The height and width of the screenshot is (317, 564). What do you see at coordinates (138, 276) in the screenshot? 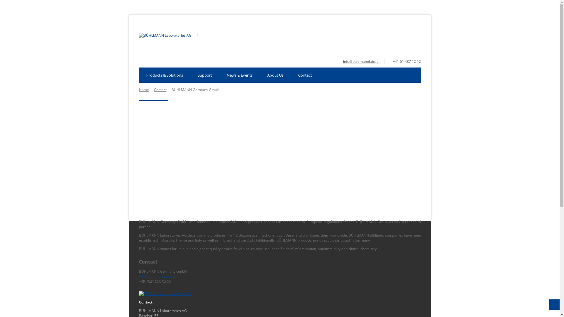
I see `'info@buhlmannlabs.de'` at bounding box center [138, 276].